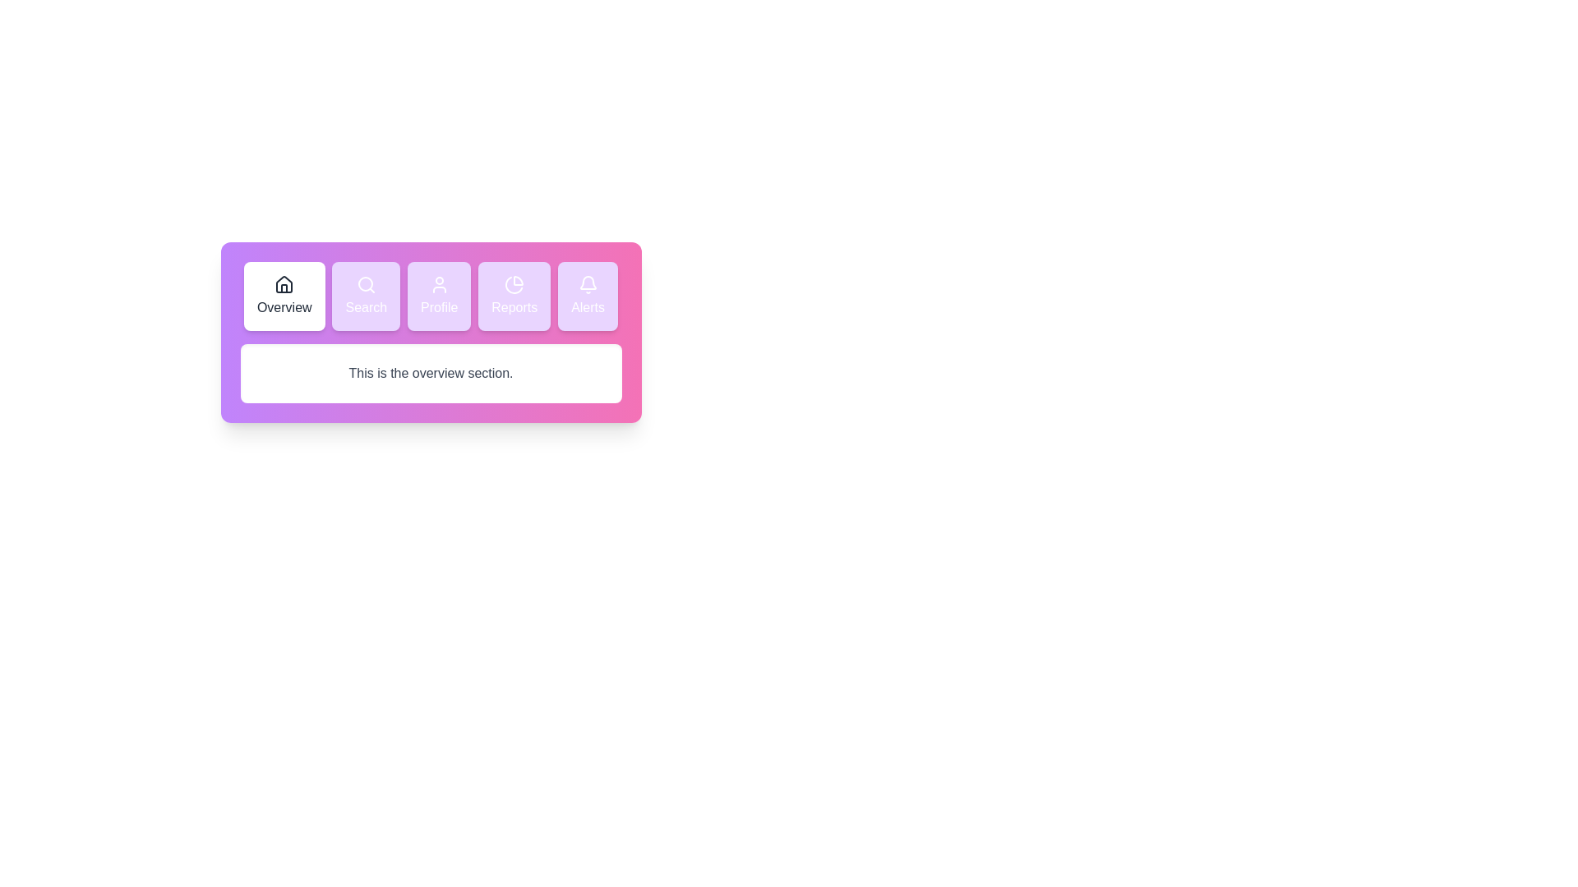 Image resolution: width=1578 pixels, height=887 pixels. What do you see at coordinates (284, 284) in the screenshot?
I see `the house-shaped icon outlined in a dark stroke, located above the text 'Overview'` at bounding box center [284, 284].